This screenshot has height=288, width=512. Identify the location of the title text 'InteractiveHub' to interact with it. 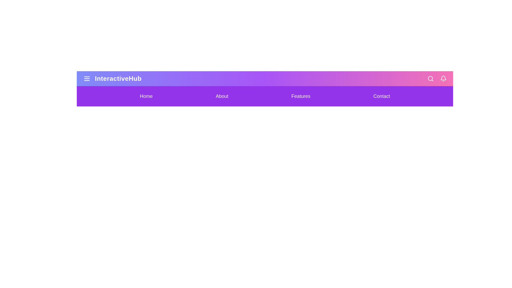
(118, 78).